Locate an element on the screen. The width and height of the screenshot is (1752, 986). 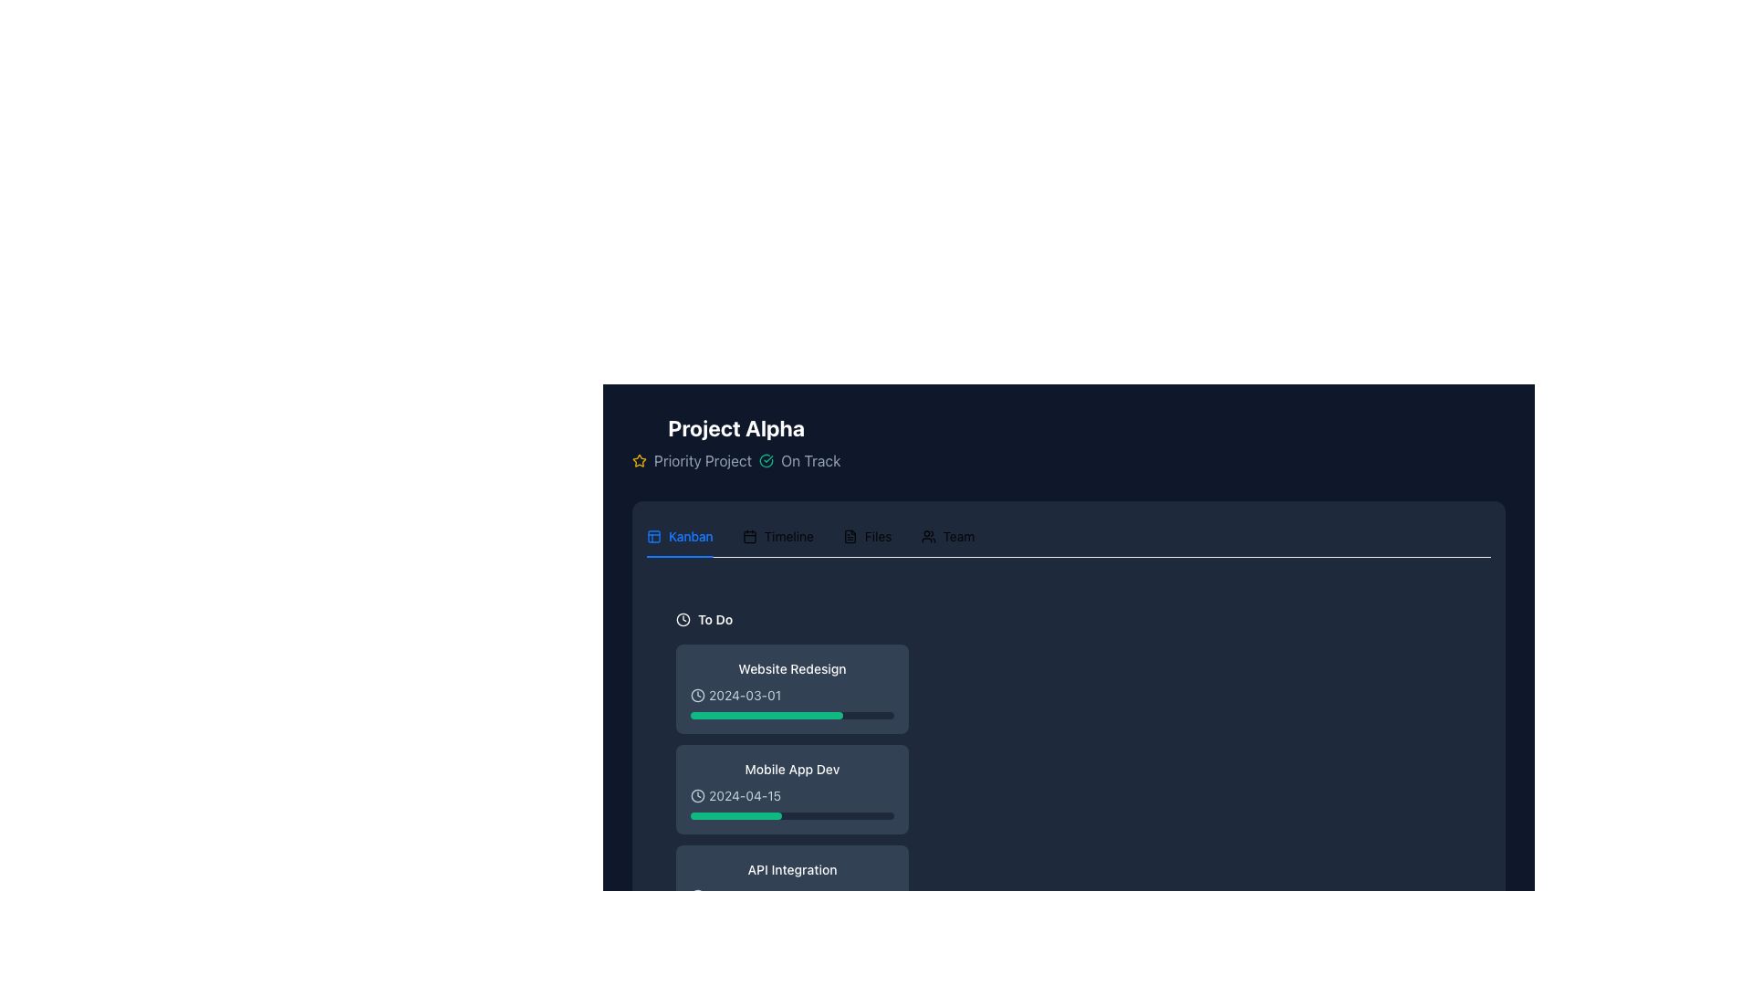
the 'Files' tab button in the navigation bar is located at coordinates (866, 535).